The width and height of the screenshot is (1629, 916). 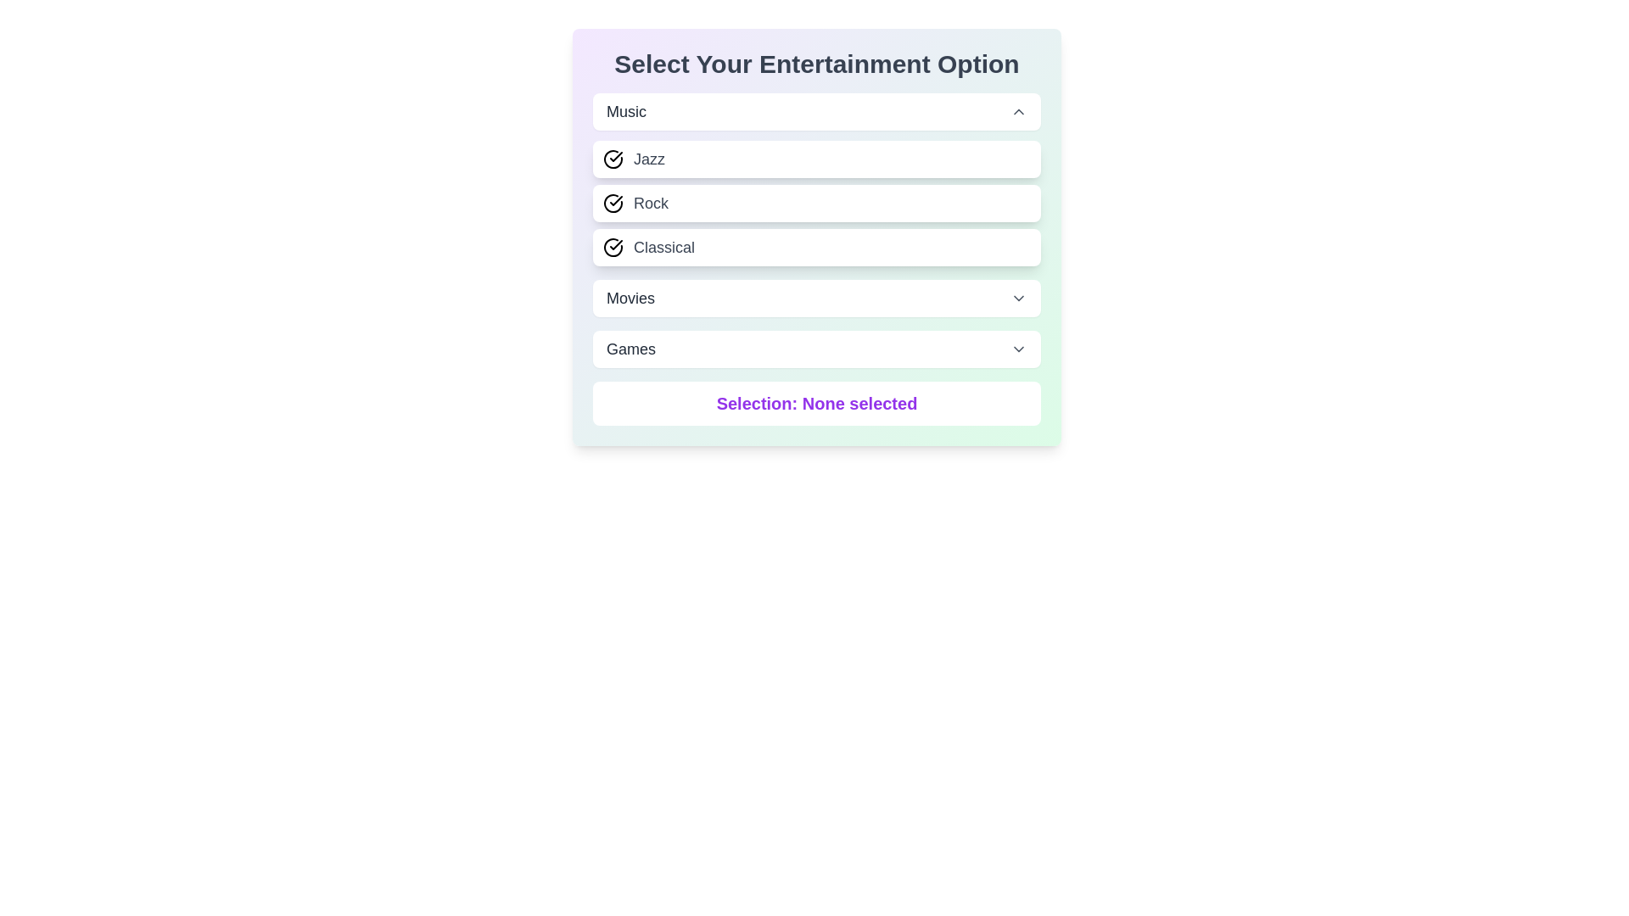 I want to click on the icon (circle with check mark), so click(x=613, y=248).